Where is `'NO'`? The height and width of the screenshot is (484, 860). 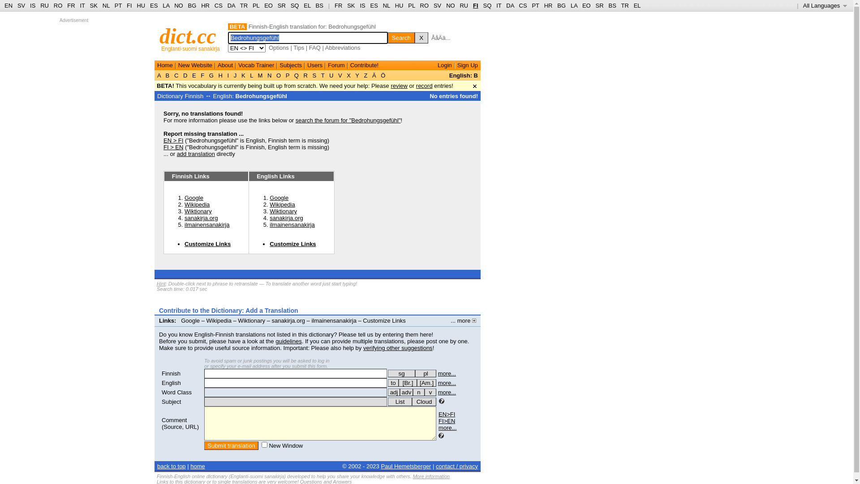
'NO' is located at coordinates (451, 5).